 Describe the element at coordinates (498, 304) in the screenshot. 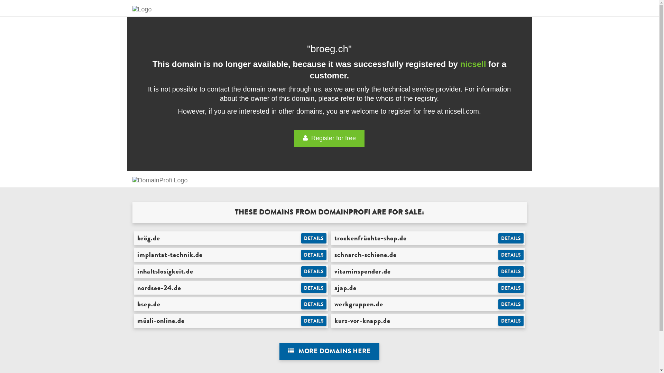

I see `'DETAILS'` at that location.